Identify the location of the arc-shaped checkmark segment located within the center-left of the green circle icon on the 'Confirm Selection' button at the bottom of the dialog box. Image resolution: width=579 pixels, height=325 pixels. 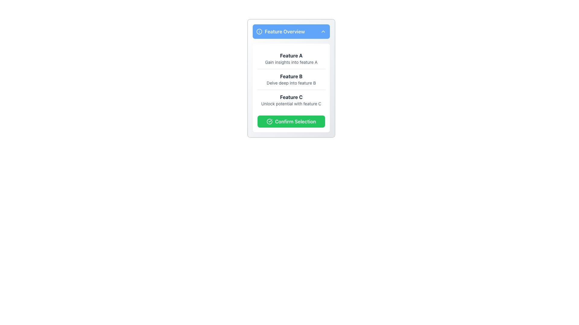
(269, 122).